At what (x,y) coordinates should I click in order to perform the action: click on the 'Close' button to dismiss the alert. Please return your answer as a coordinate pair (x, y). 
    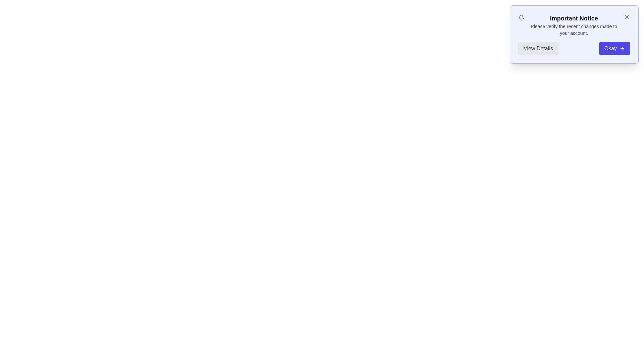
    Looking at the image, I should click on (626, 16).